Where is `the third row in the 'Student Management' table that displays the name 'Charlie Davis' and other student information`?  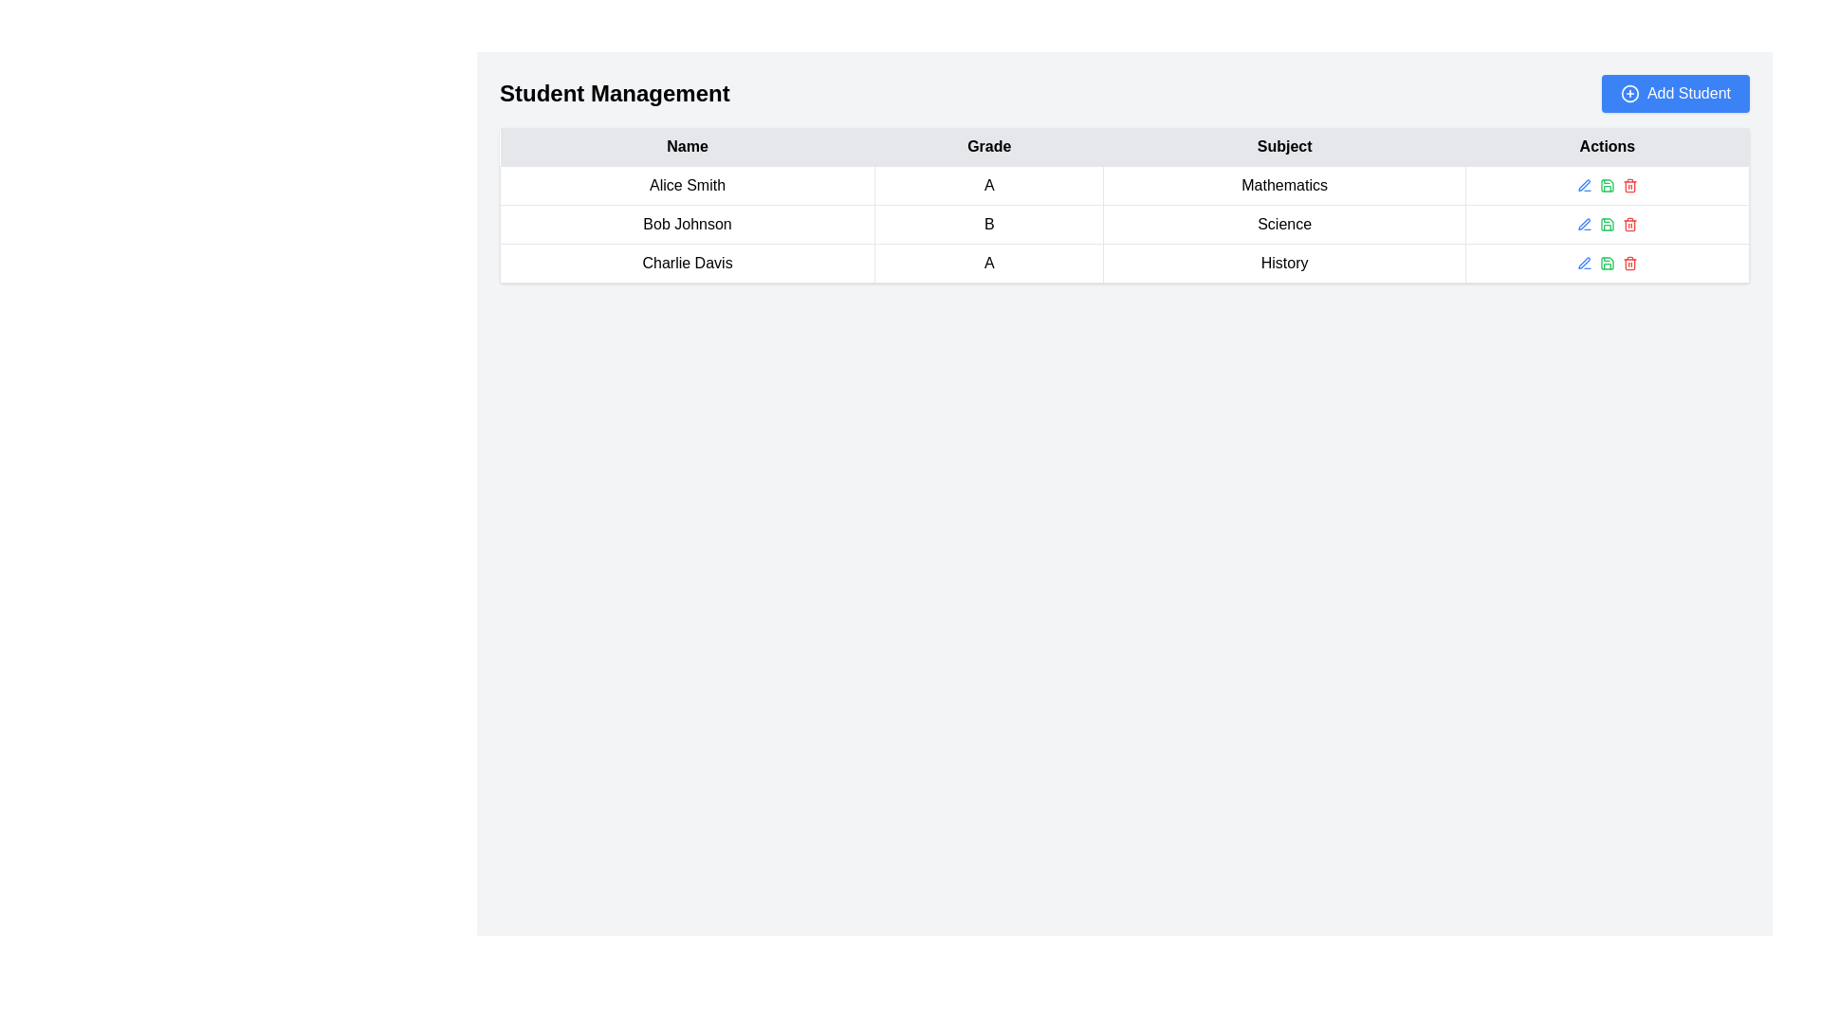
the third row in the 'Student Management' table that displays the name 'Charlie Davis' and other student information is located at coordinates (1124, 263).